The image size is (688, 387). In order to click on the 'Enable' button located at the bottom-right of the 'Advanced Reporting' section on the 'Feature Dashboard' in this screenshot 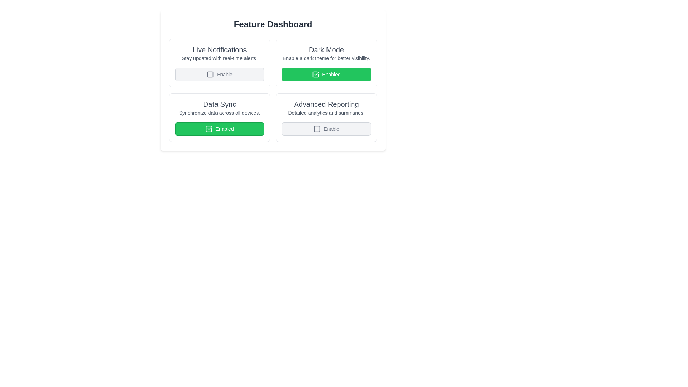, I will do `click(326, 128)`.